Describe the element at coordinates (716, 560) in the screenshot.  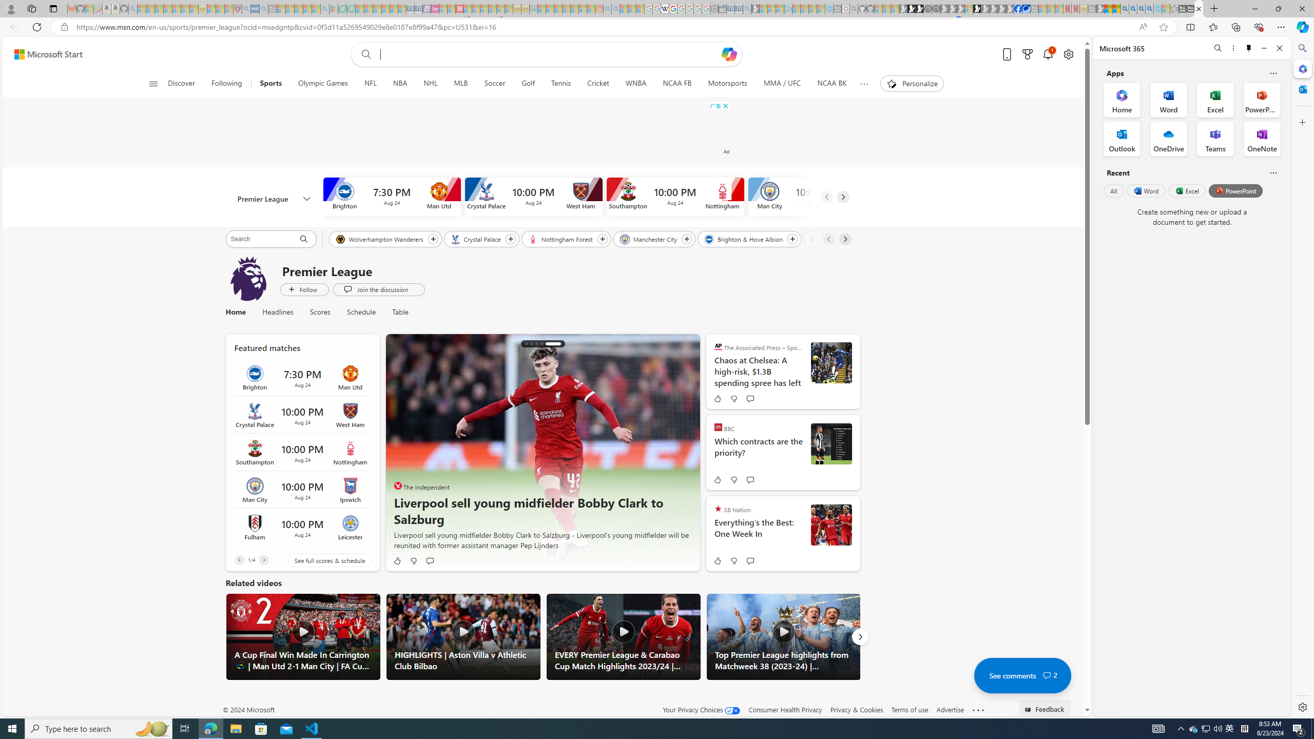
I see `'Like'` at that location.